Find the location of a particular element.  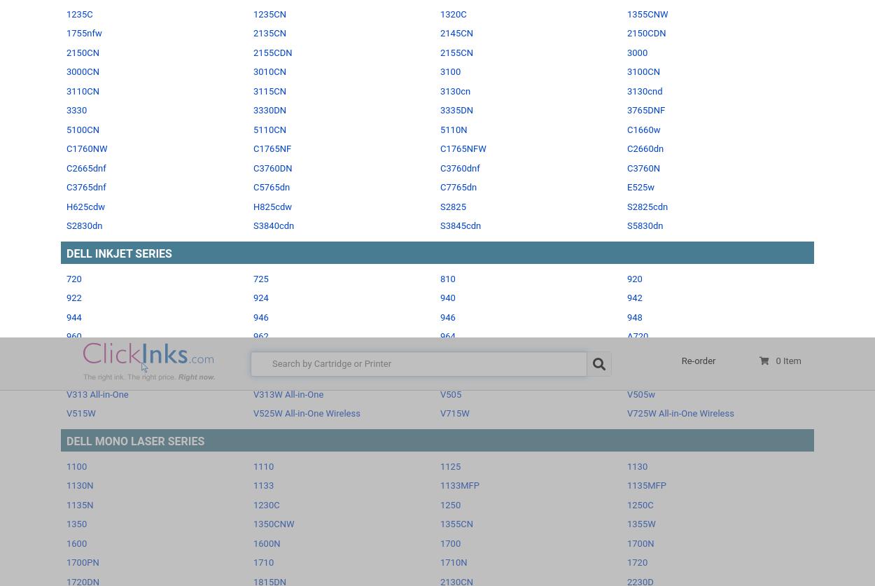

'Dell ink coupon codes' is located at coordinates (197, 475).